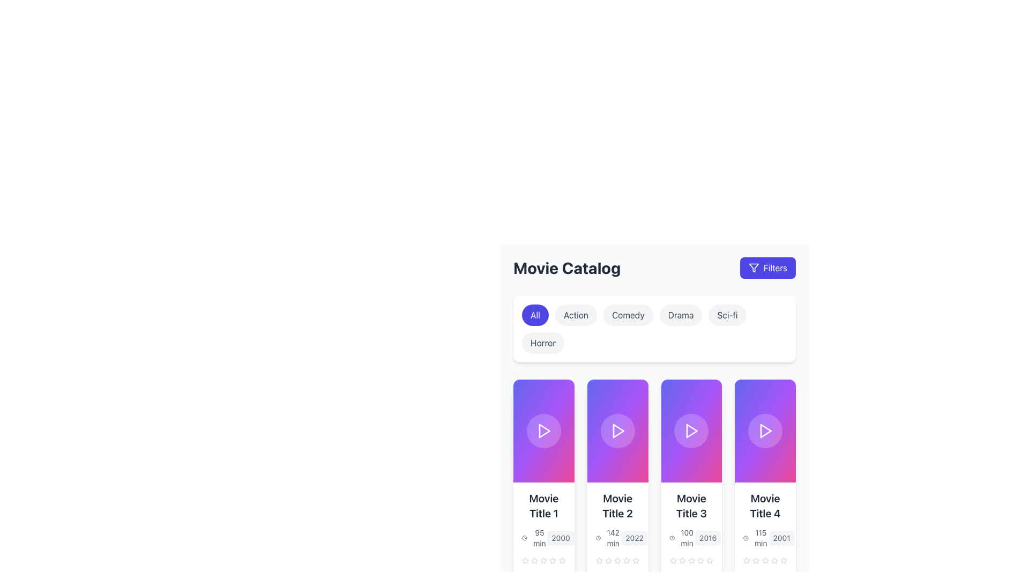 Image resolution: width=1029 pixels, height=579 pixels. What do you see at coordinates (553, 560) in the screenshot?
I see `on the sixth star icon in the rating sequence located beneath the 'Movie Title 1' section` at bounding box center [553, 560].